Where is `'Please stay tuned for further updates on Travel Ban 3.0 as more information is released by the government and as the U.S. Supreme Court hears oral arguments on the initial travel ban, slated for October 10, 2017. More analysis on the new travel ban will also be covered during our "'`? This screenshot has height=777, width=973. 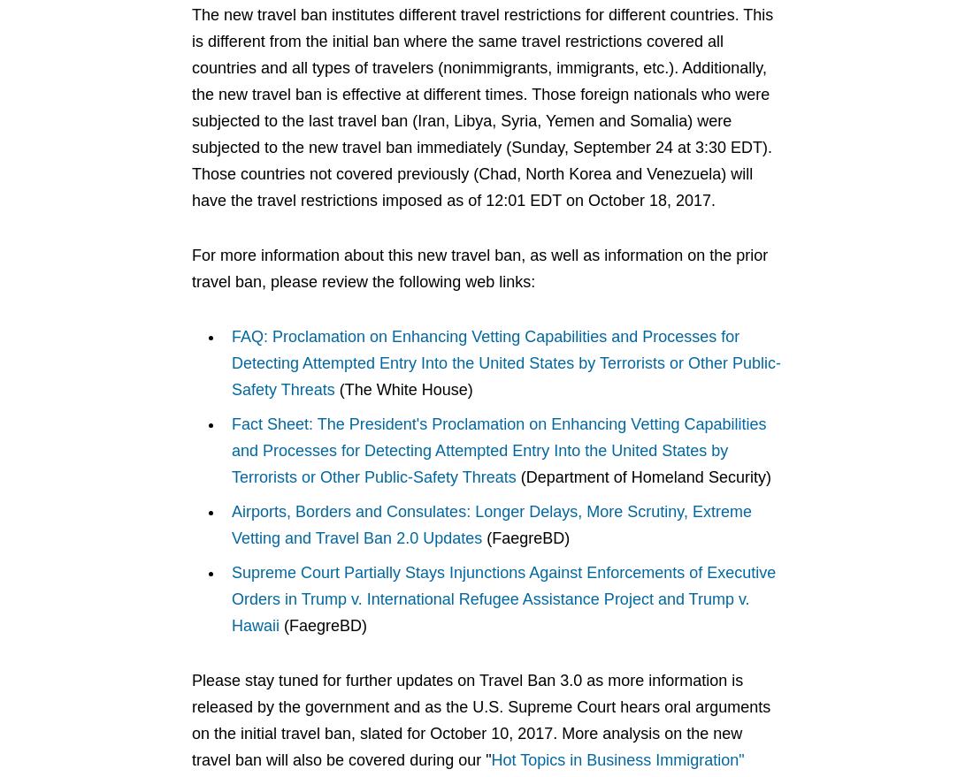
'Please stay tuned for further updates on Travel Ban 3.0 as more information is released by the government and as the U.S. Supreme Court hears oral arguments on the initial travel ban, slated for October 10, 2017. More analysis on the new travel ban will also be covered during our "' is located at coordinates (192, 719).